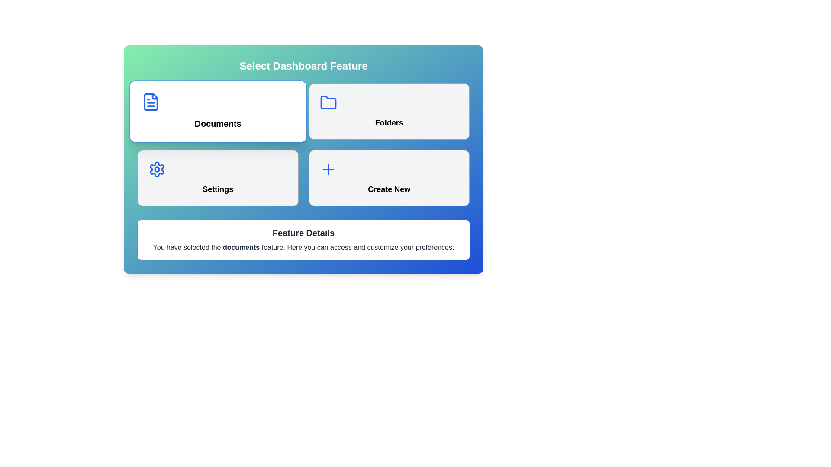  I want to click on the 'Settings' icon located in the lower-left quadrant of the dashboard interface, so click(157, 170).